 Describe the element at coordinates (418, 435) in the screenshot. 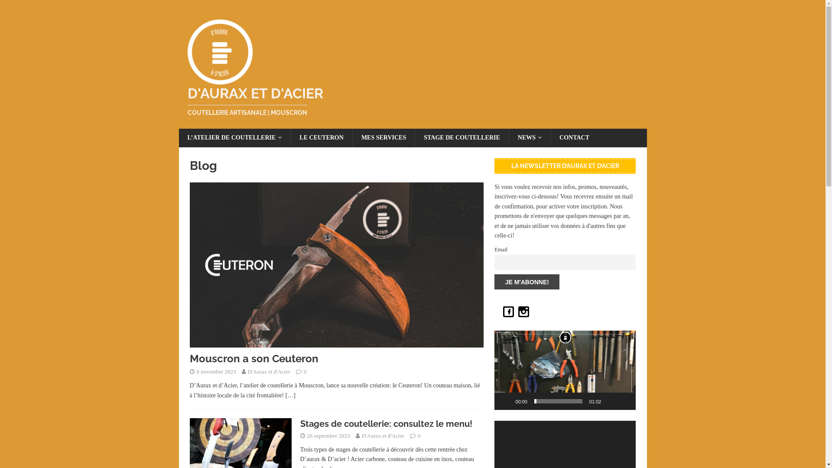

I see `'0'` at that location.